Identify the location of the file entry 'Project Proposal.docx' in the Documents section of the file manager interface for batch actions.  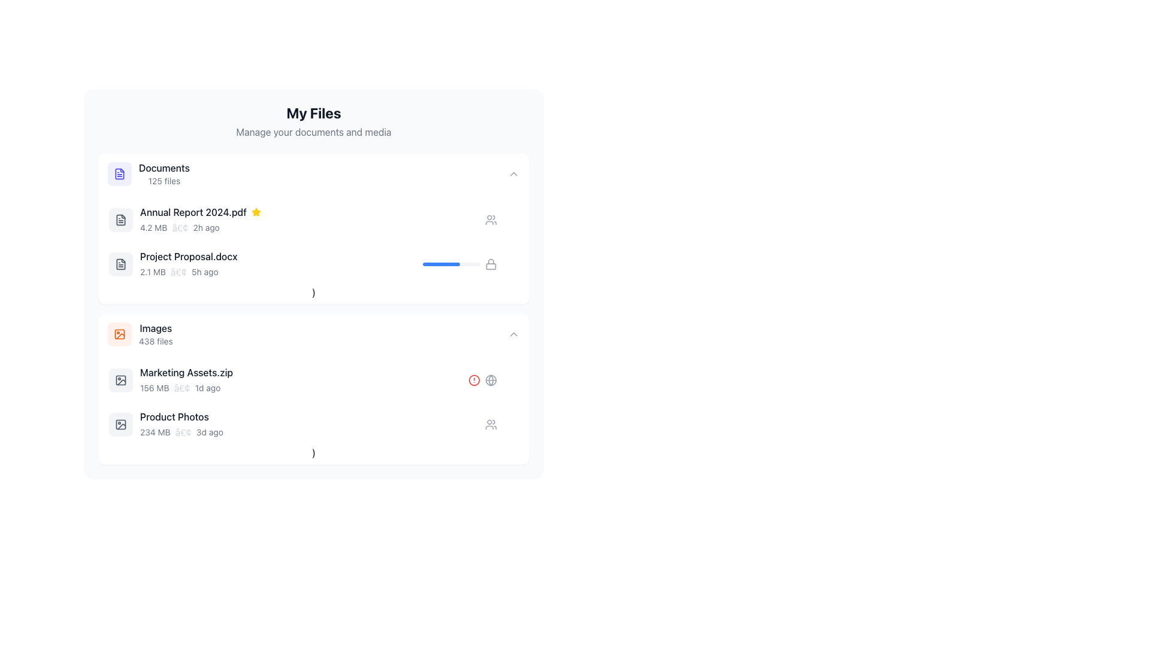
(265, 264).